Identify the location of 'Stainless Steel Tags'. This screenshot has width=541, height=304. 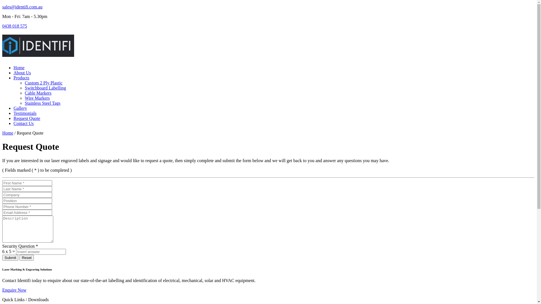
(42, 103).